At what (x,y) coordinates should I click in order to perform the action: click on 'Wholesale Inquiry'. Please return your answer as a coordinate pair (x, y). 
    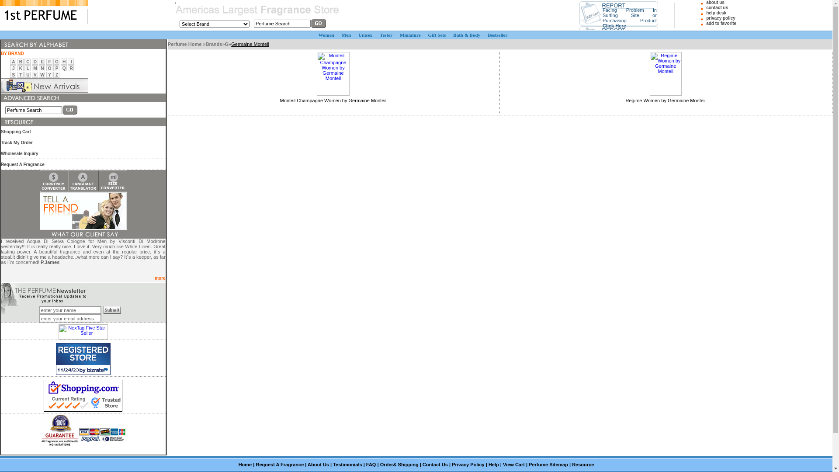
    Looking at the image, I should click on (19, 153).